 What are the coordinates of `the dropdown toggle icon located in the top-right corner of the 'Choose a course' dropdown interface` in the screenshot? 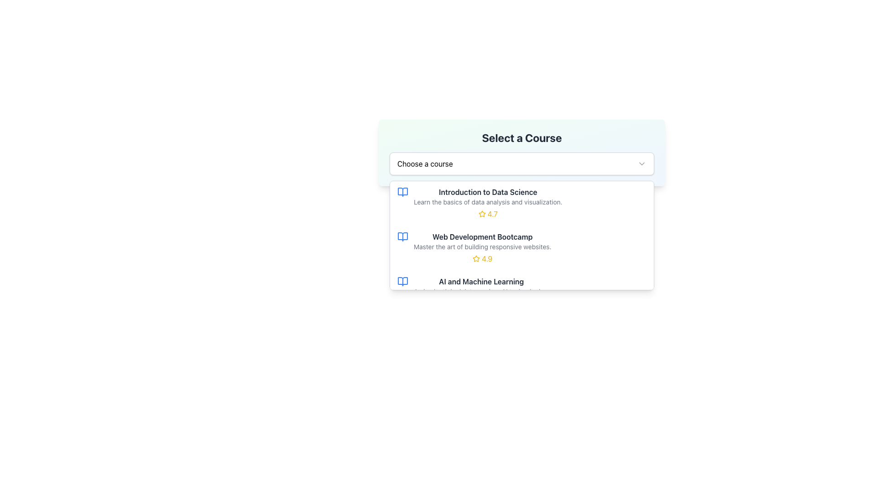 It's located at (641, 163).